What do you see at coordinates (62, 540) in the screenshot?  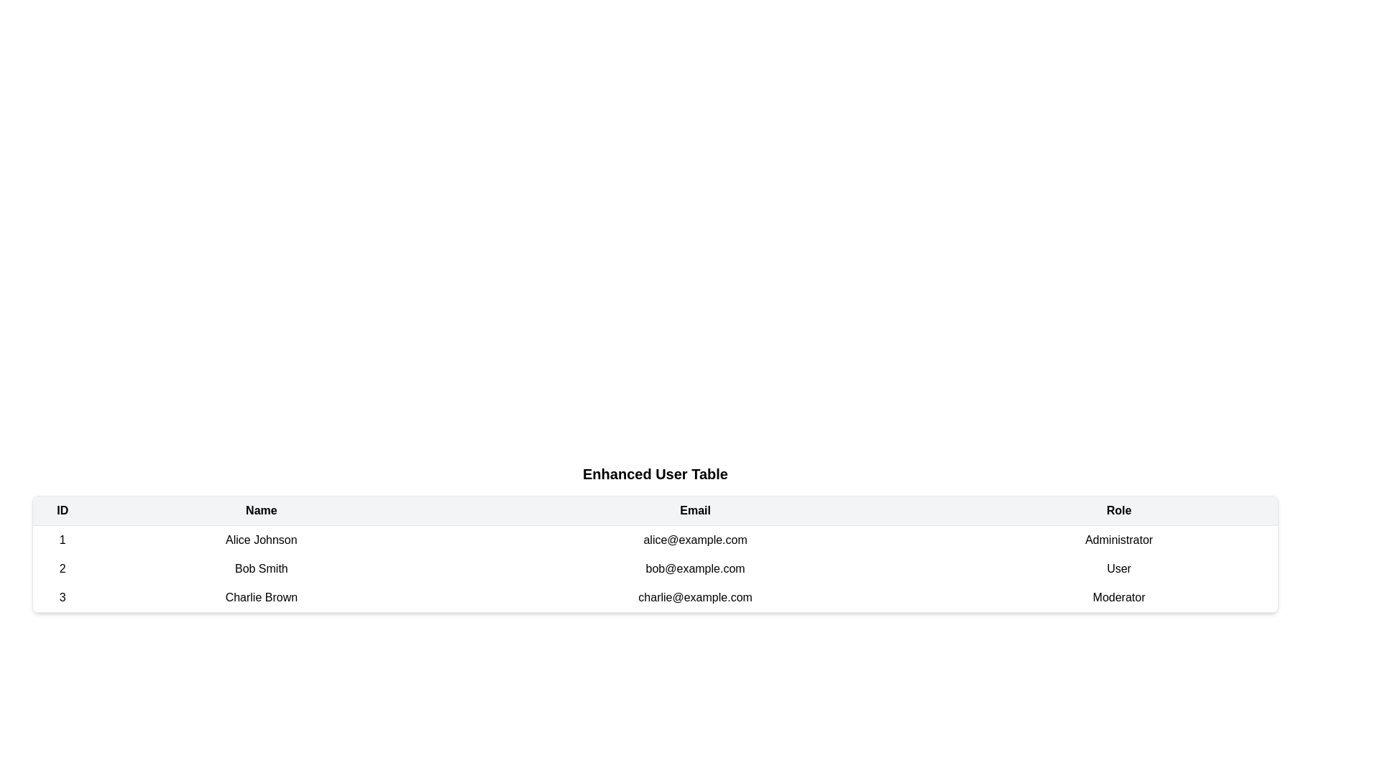 I see `the text label displaying the number '1' located in the first column of the first row of the table, under the 'ID' header` at bounding box center [62, 540].